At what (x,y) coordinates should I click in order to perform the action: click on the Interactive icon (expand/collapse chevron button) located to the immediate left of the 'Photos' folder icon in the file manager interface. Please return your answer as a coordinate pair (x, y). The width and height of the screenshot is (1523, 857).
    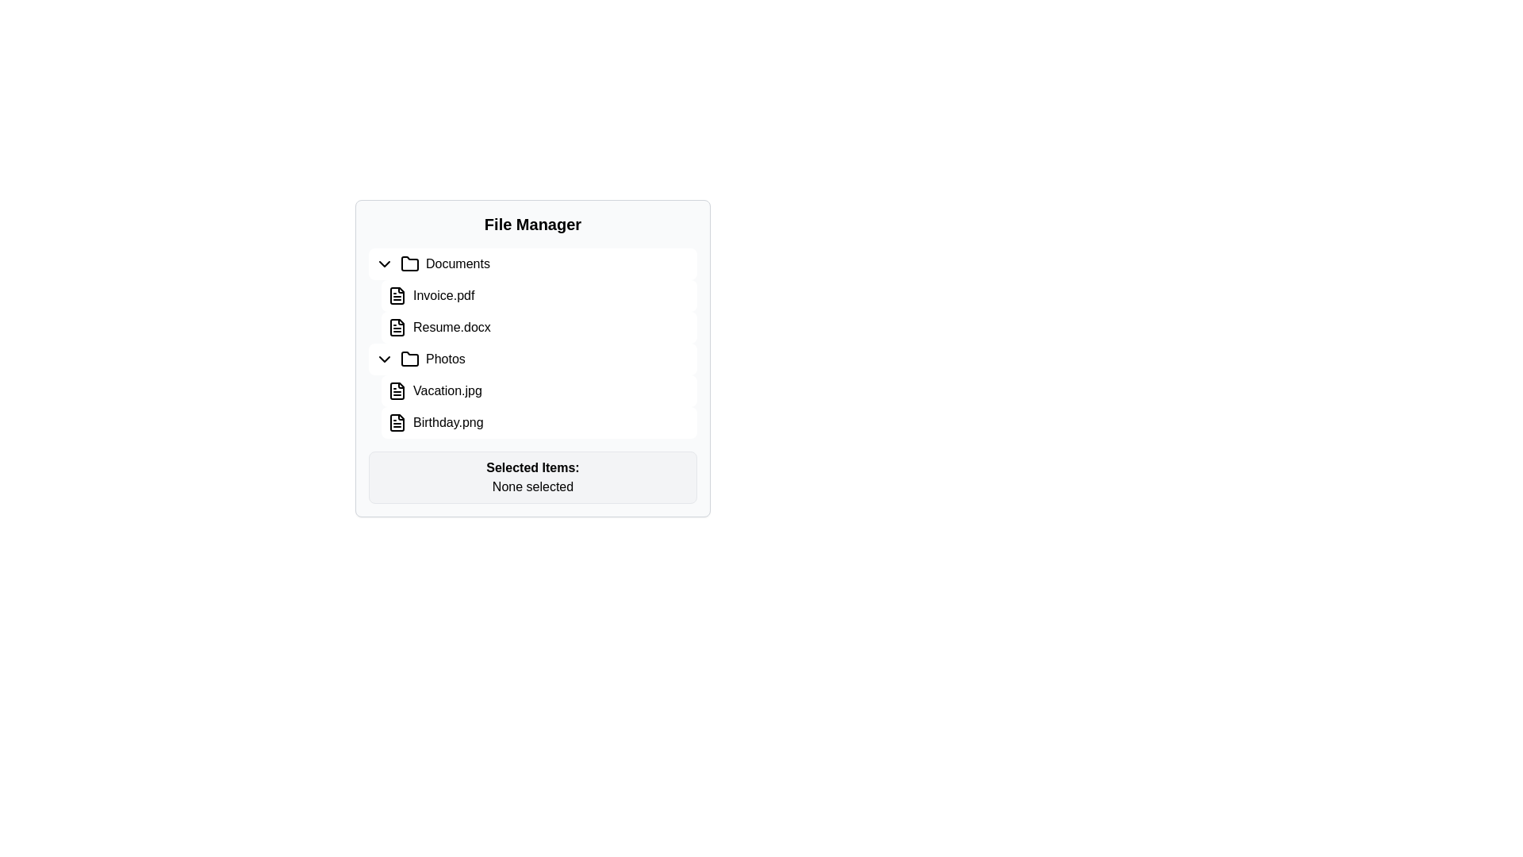
    Looking at the image, I should click on (384, 359).